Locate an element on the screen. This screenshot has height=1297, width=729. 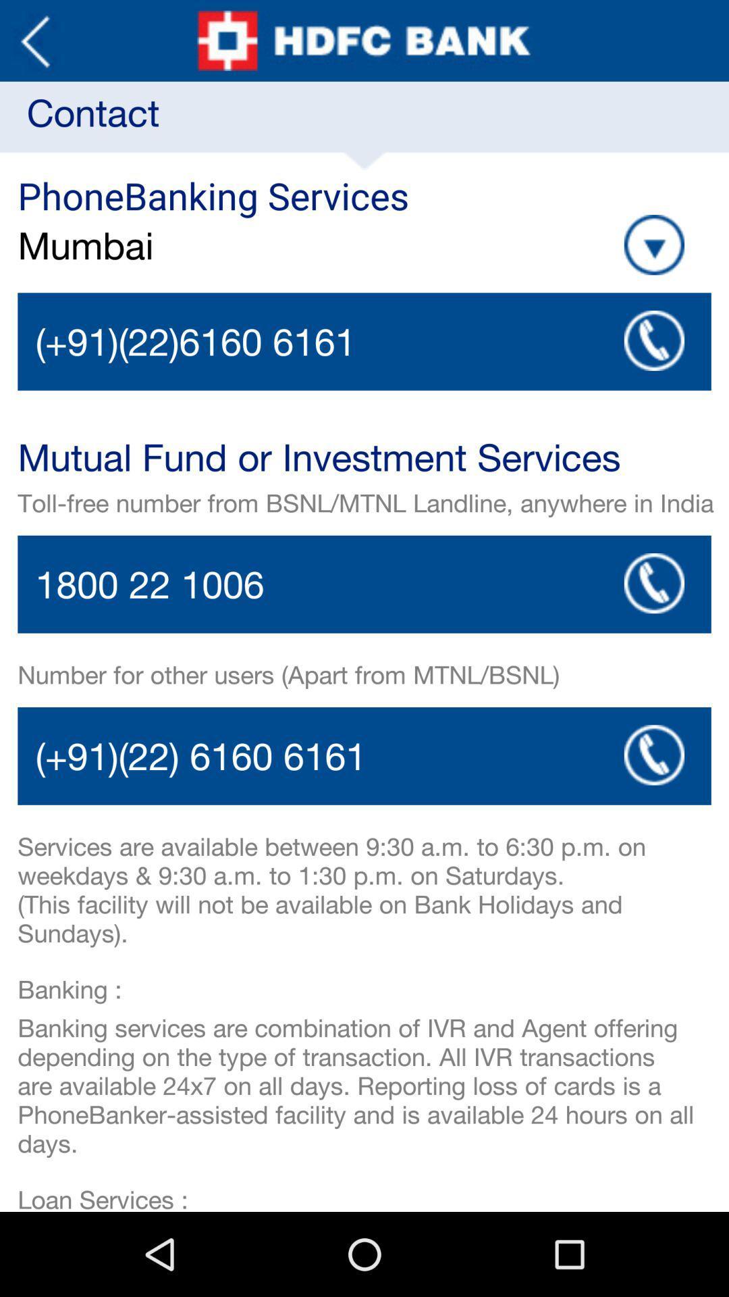
contact symbol is located at coordinates (653, 583).